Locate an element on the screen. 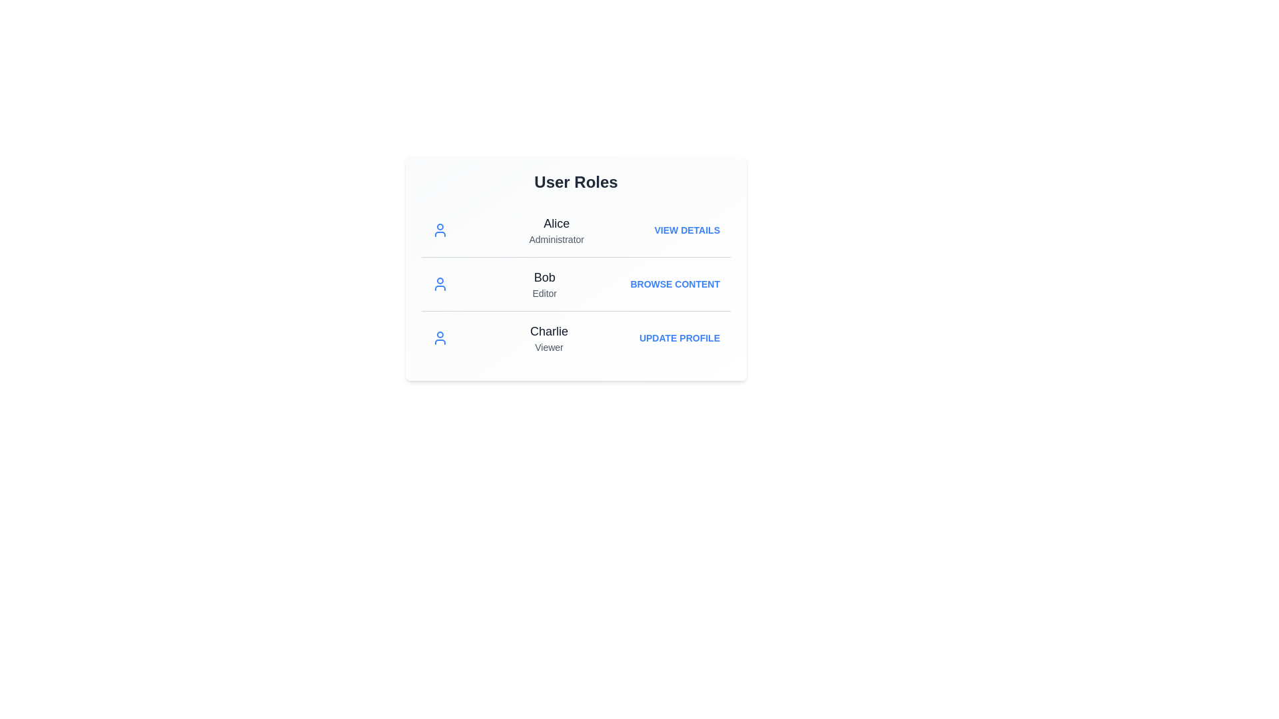 Image resolution: width=1279 pixels, height=719 pixels. the Text display element that shows the name 'Bob' and their role 'Editor' in the User Roles section of the interface is located at coordinates (544, 284).